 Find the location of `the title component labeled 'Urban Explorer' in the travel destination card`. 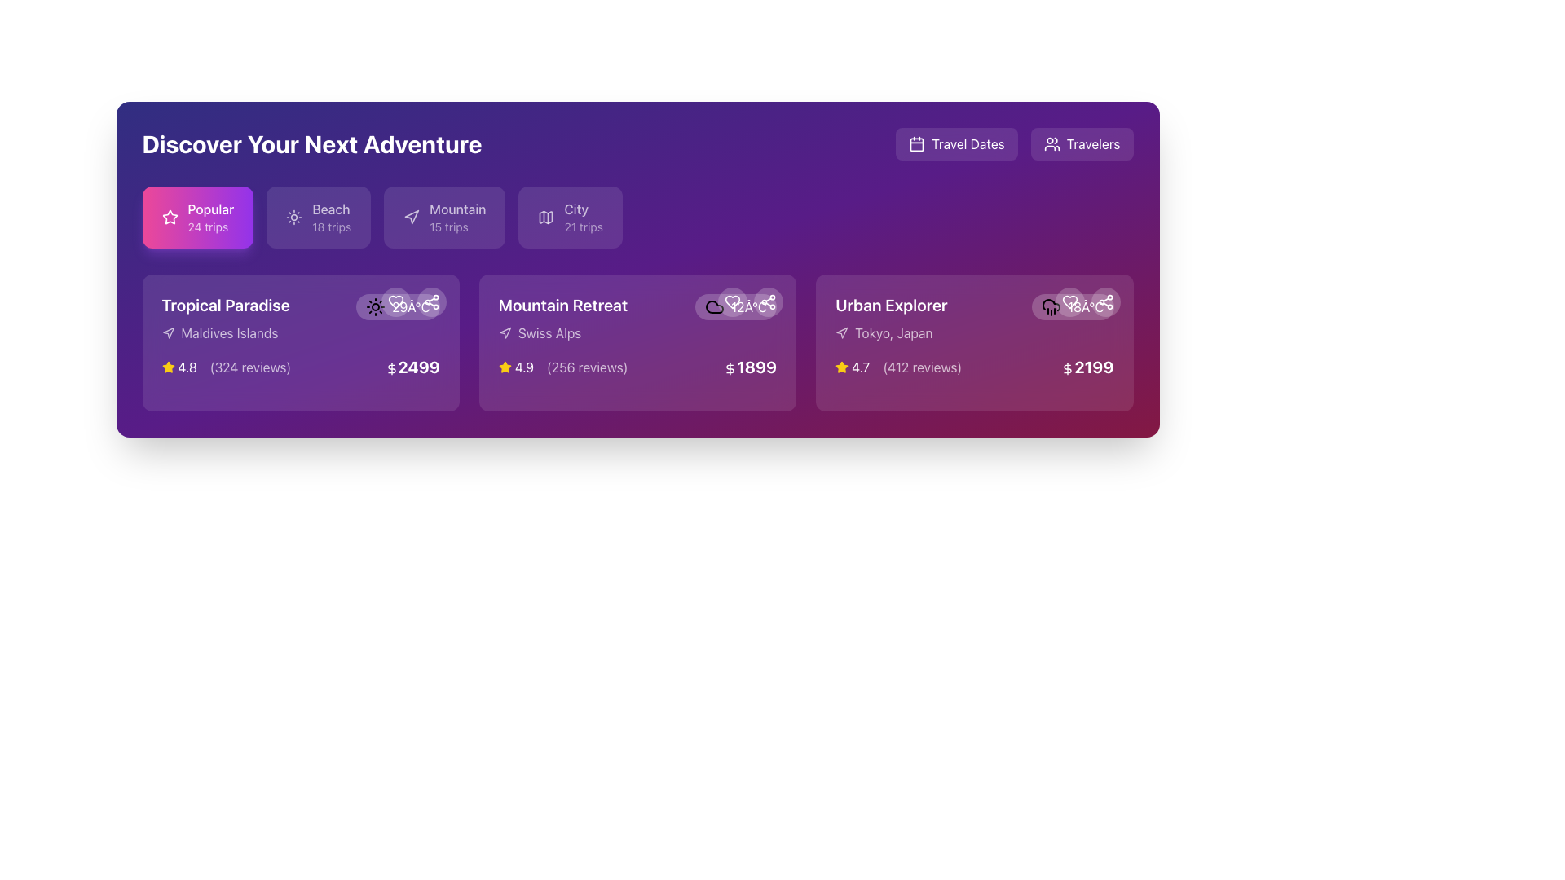

the title component labeled 'Urban Explorer' in the travel destination card is located at coordinates (974, 318).